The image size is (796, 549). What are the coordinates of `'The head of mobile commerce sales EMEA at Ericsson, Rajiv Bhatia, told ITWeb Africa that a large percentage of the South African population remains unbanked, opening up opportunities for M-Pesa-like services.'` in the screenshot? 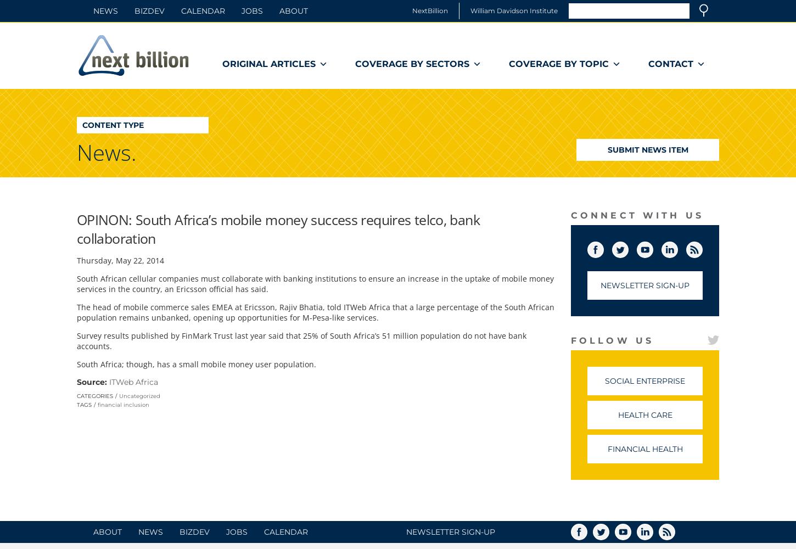 It's located at (316, 312).